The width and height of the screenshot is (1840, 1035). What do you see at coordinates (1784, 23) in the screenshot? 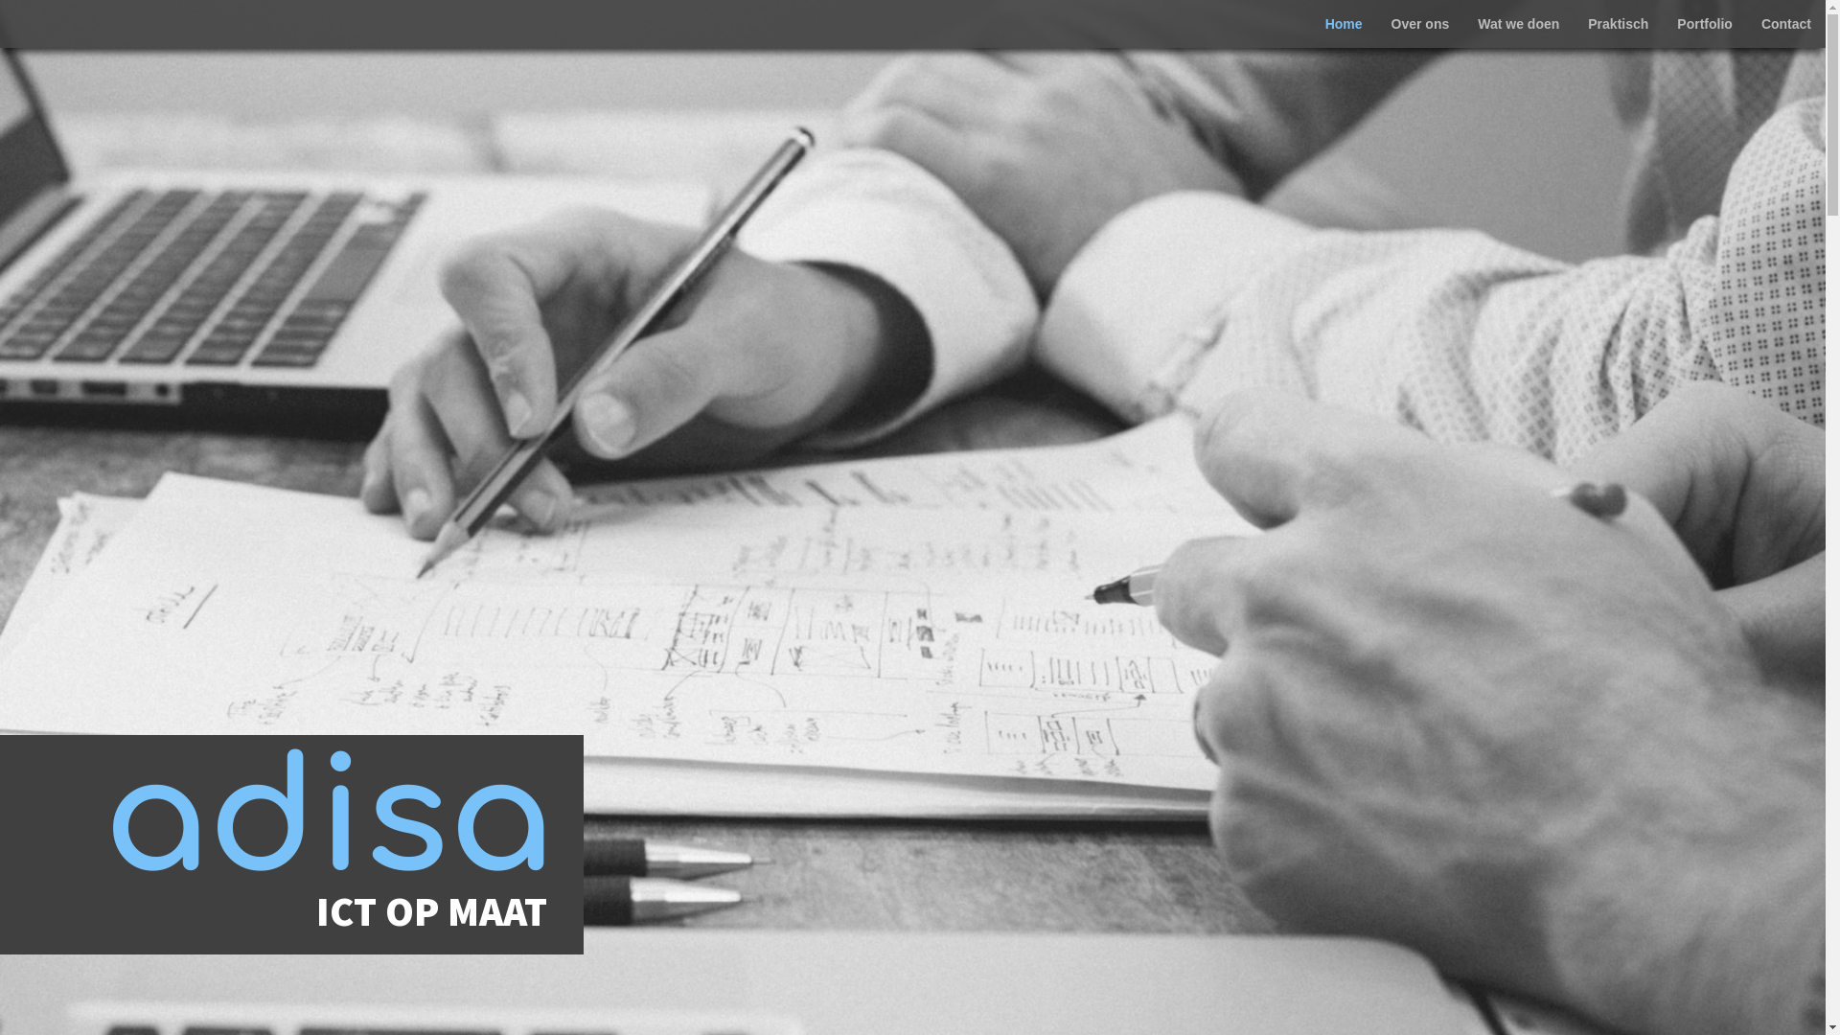
I see `'Contact'` at bounding box center [1784, 23].